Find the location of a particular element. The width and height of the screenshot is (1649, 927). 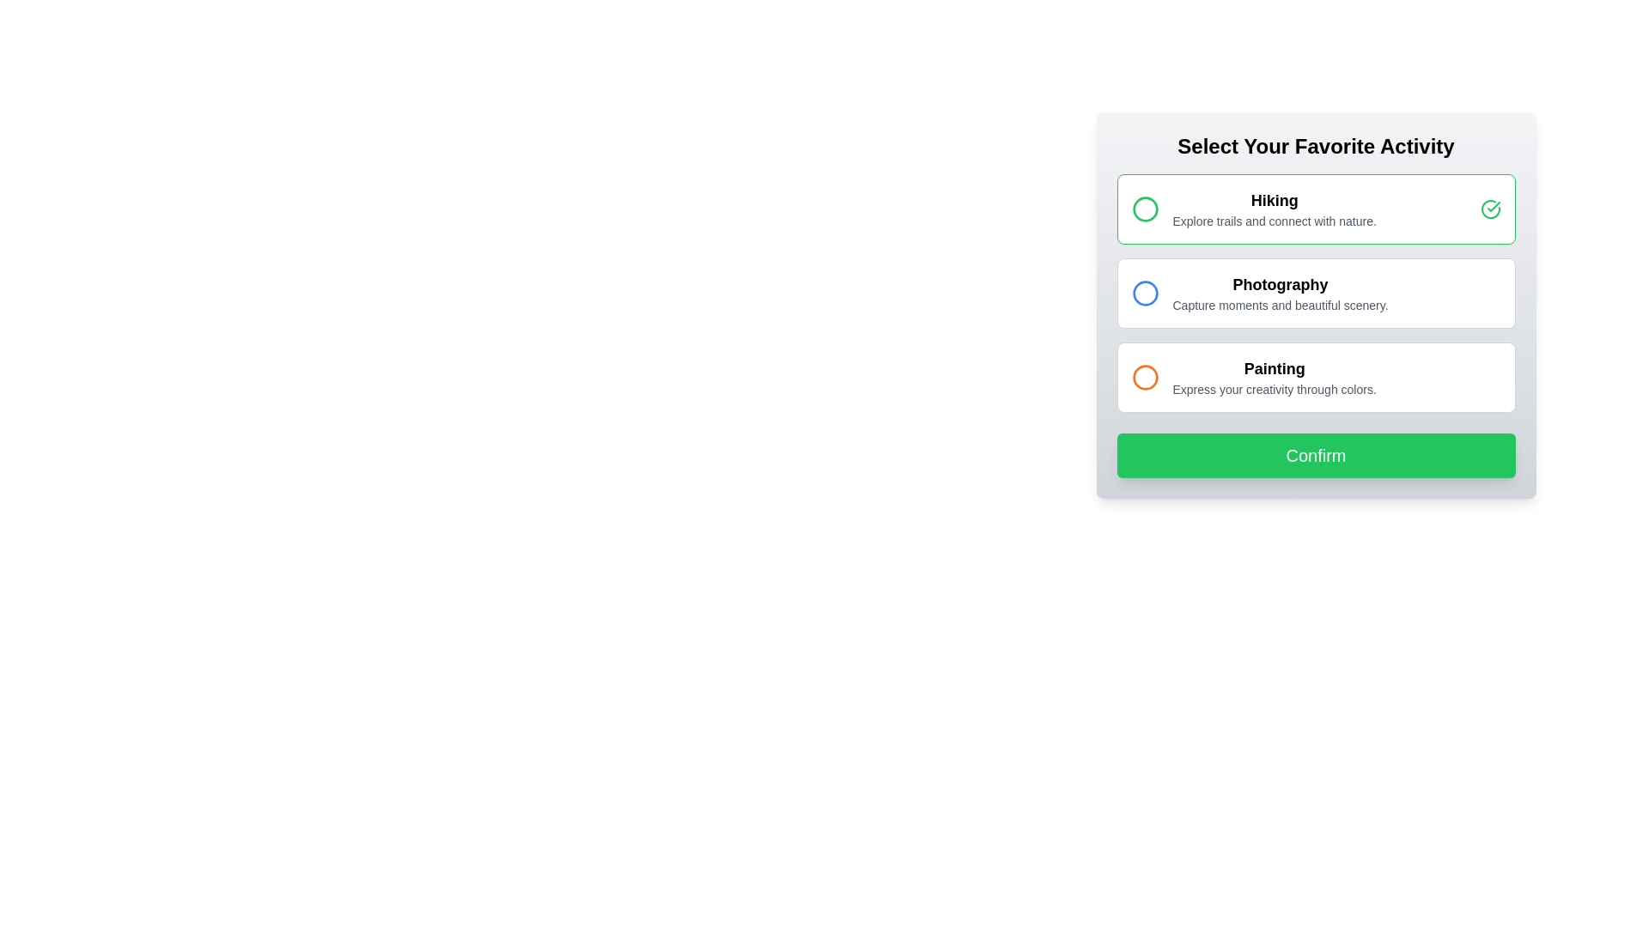

the text content that describes the 'Hiking' activity option, which is located in the vertical list under 'Select Your Favorite Activity', positioned to the right of the circular icon and above the checkmark icon is located at coordinates (1275, 208).